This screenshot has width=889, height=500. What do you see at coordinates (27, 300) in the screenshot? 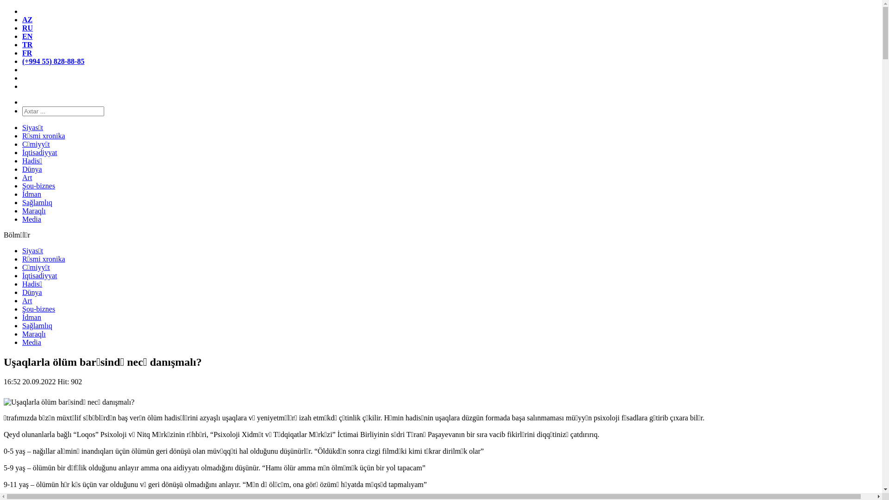
I see `'Art'` at bounding box center [27, 300].